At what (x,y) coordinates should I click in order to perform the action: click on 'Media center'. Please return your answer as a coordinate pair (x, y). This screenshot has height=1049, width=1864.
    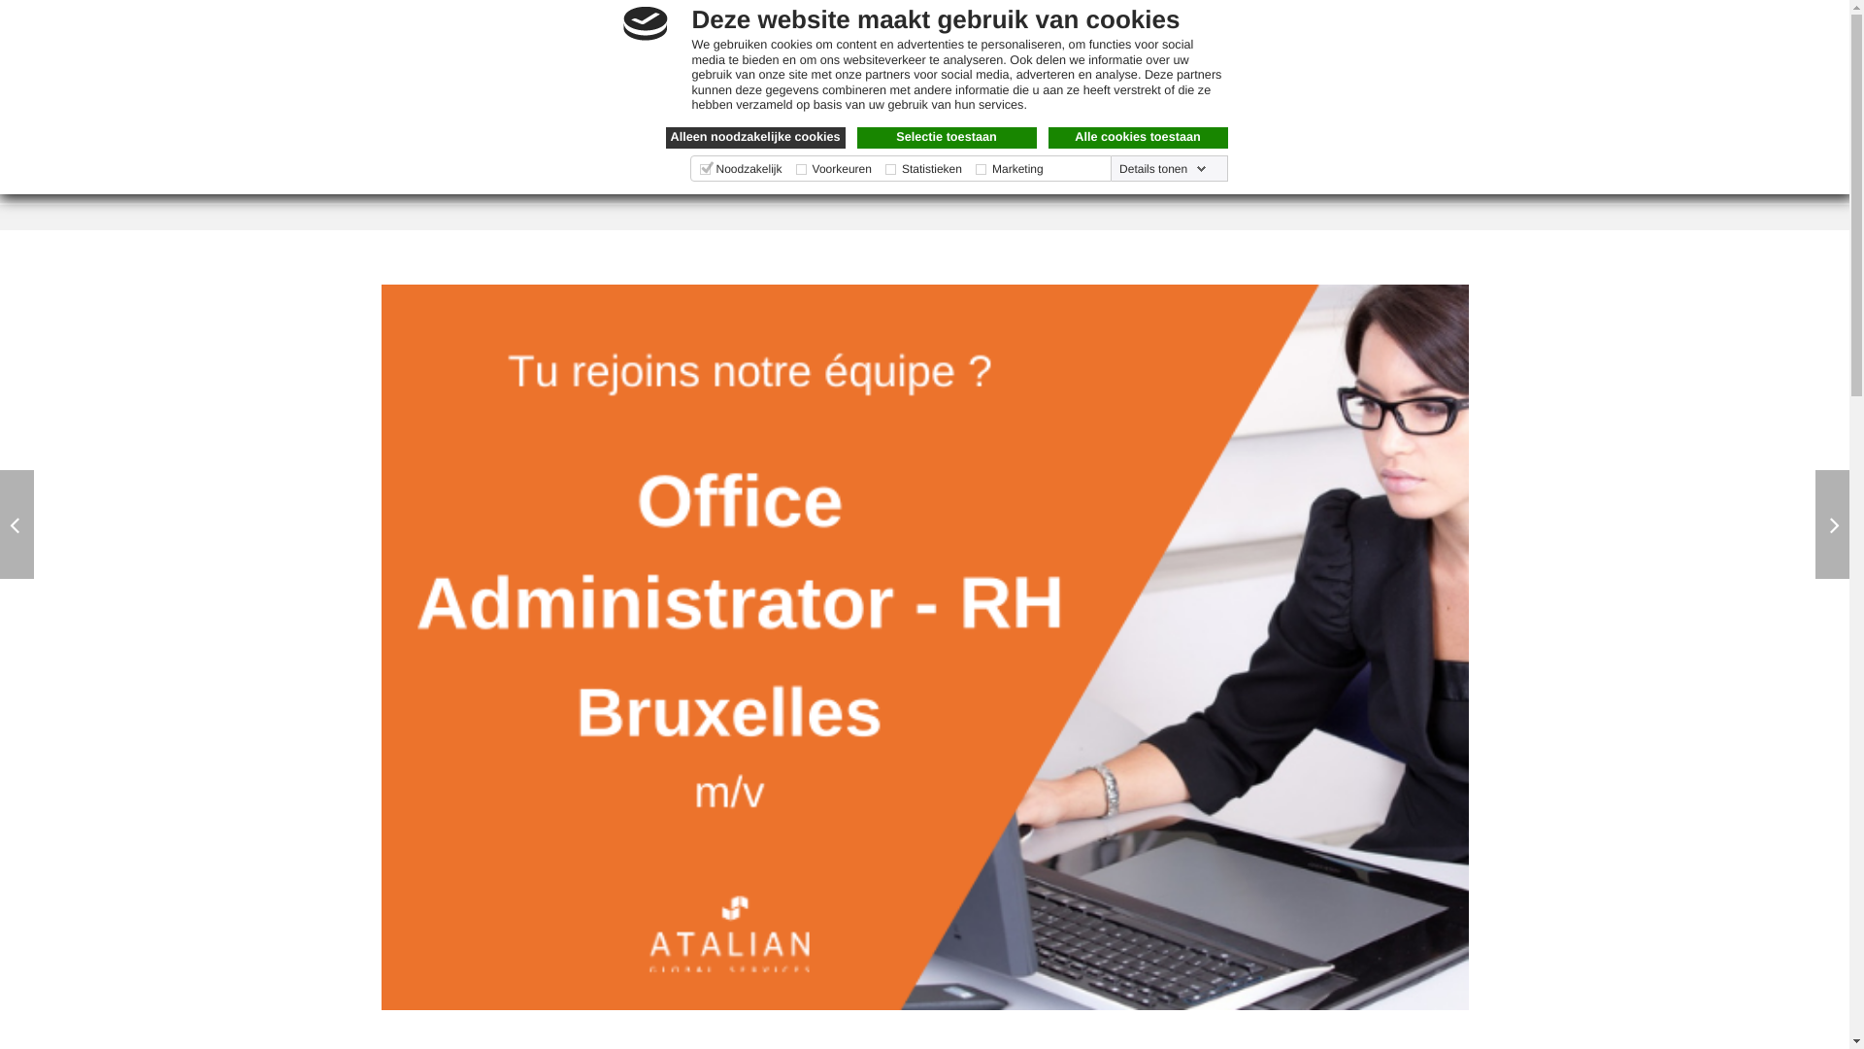
    Looking at the image, I should click on (1195, 70).